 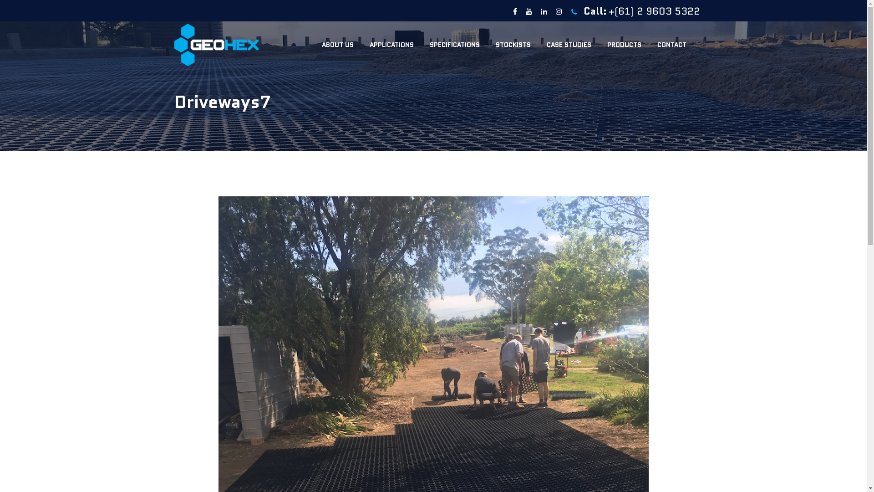 What do you see at coordinates (671, 45) in the screenshot?
I see `'CONTACT'` at bounding box center [671, 45].